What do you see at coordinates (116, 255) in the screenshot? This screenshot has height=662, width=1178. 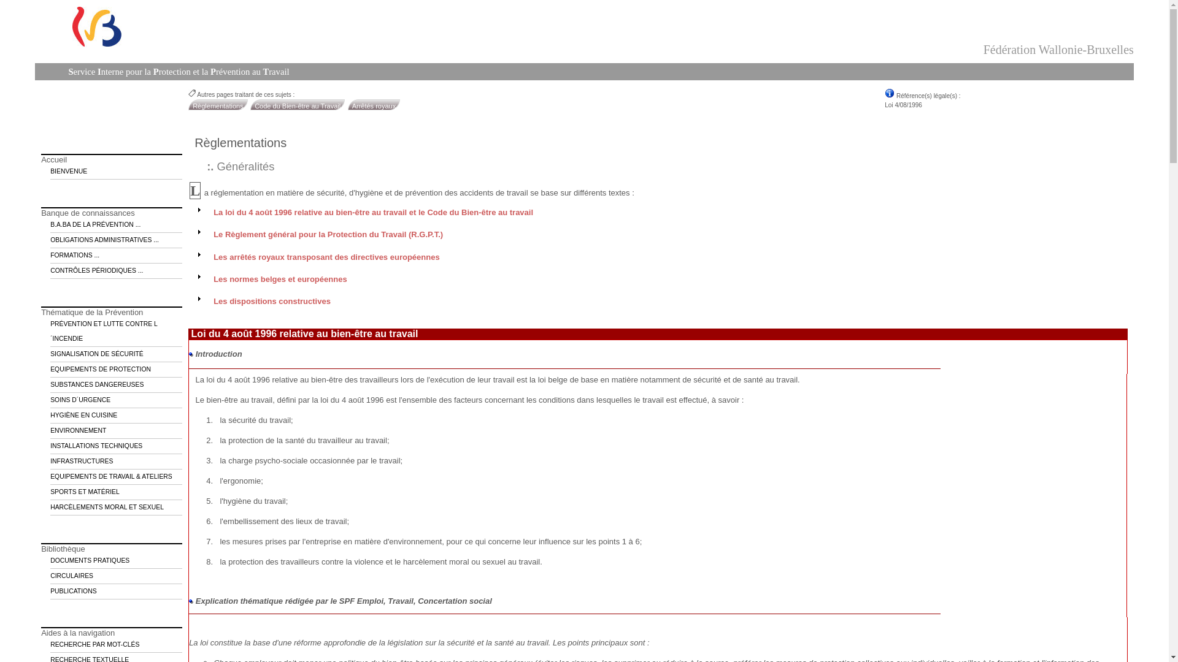 I see `'FORMATIONS ...'` at bounding box center [116, 255].